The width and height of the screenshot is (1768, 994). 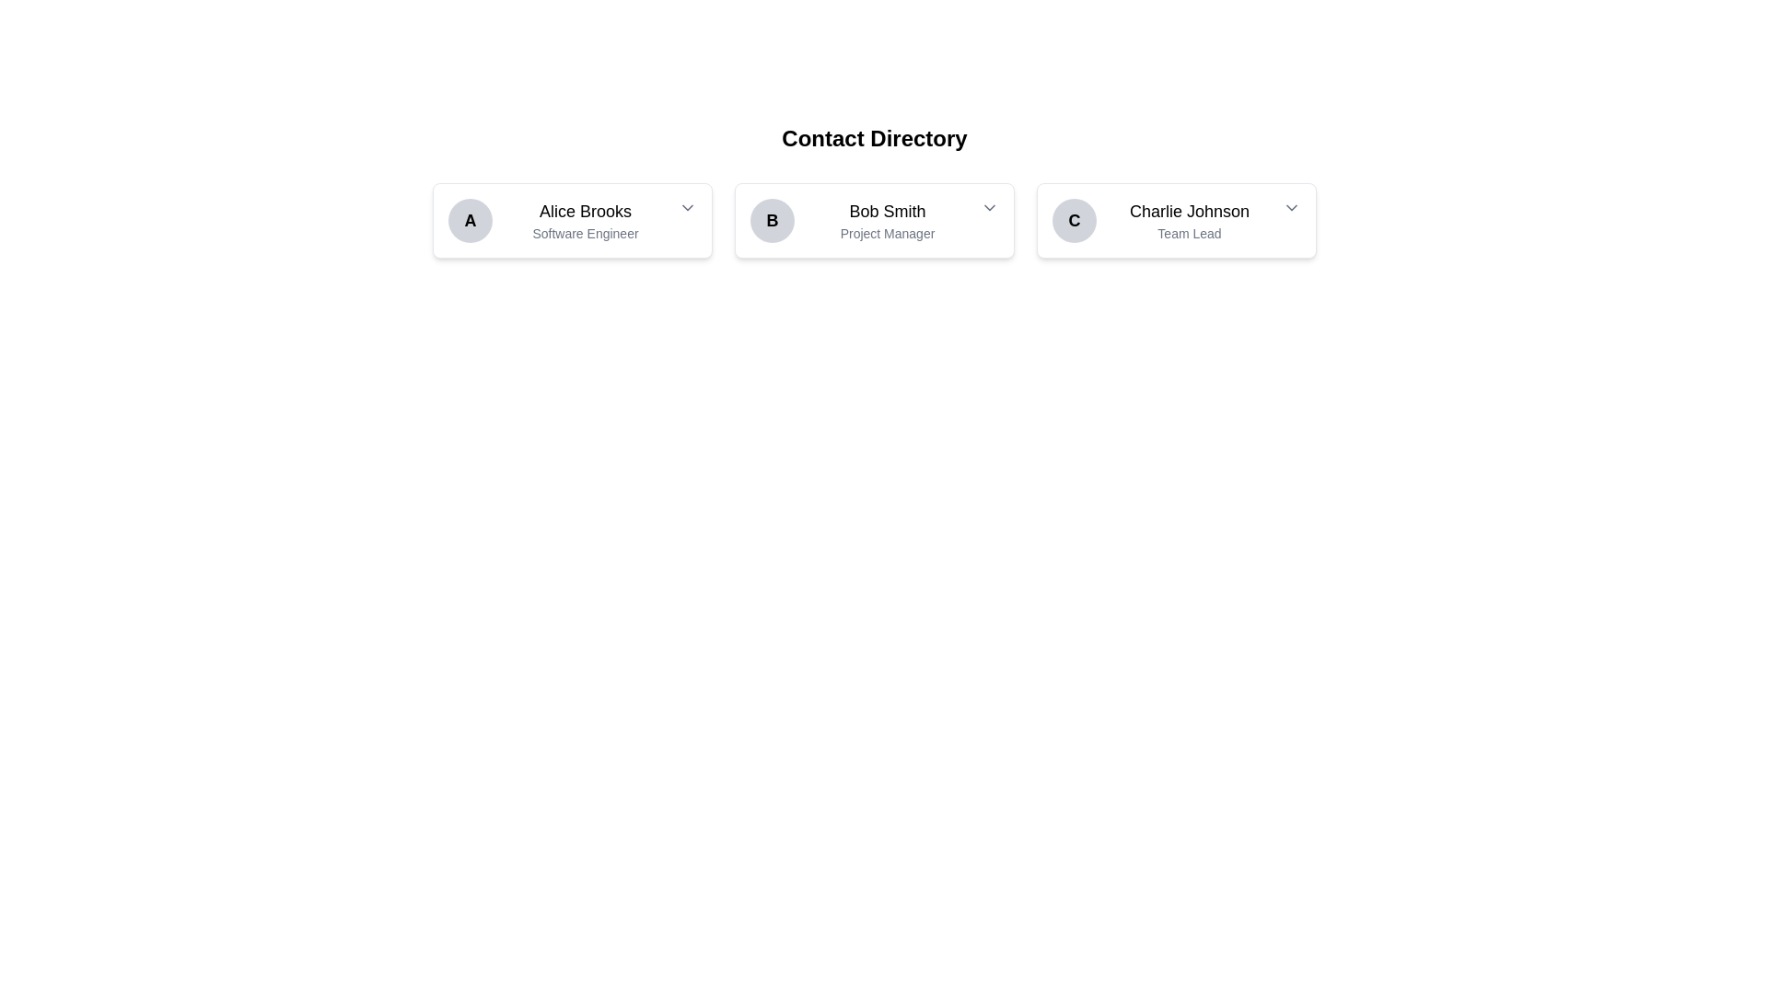 What do you see at coordinates (584, 233) in the screenshot?
I see `the linked information associated with the 'Software Engineer' text label, which is displayed in a smaller gray font below 'Alice Brooks'` at bounding box center [584, 233].